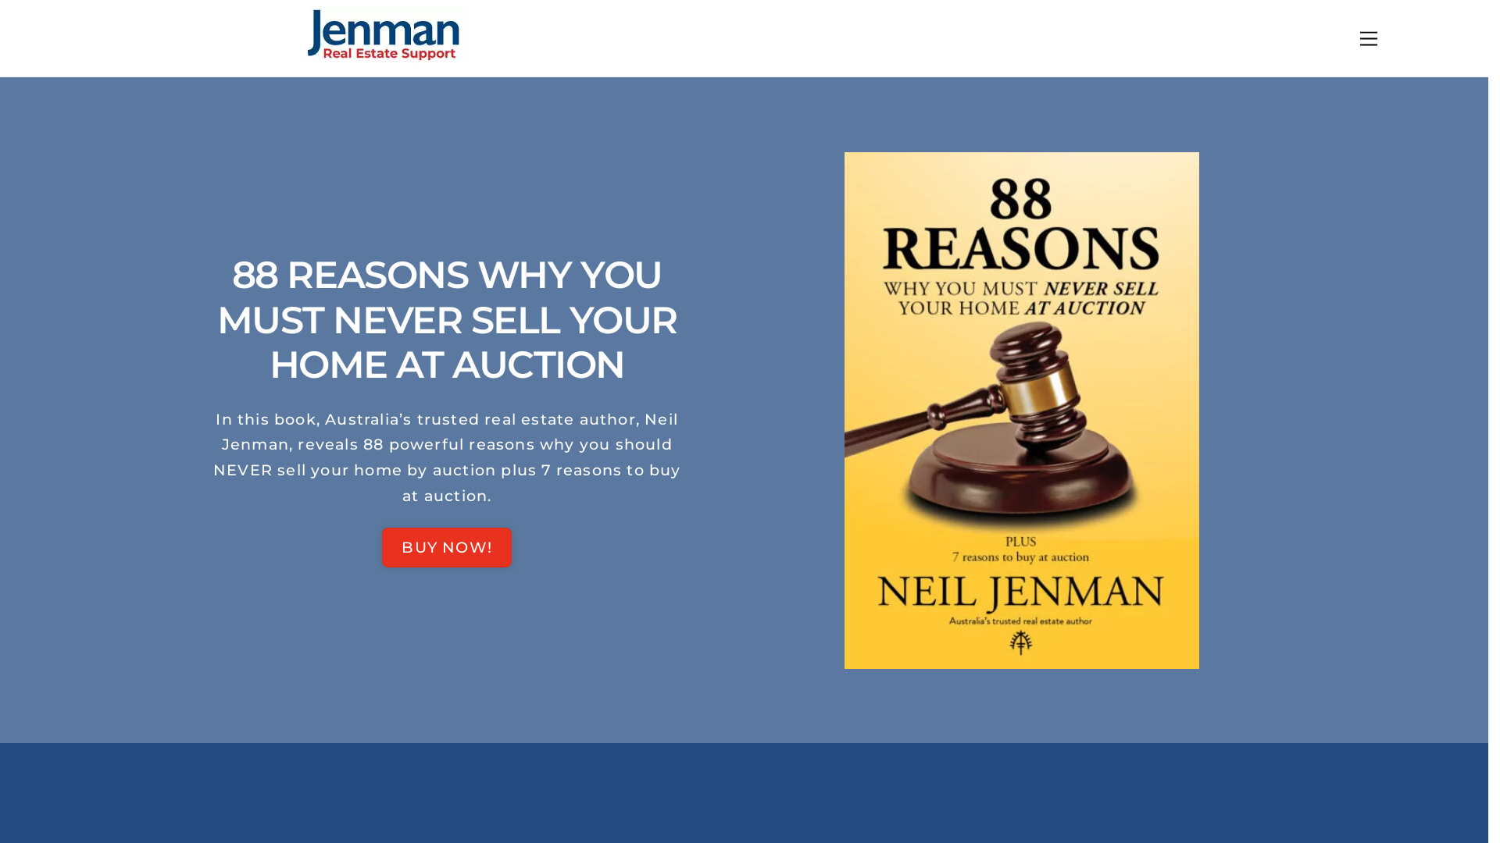  What do you see at coordinates (382, 35) in the screenshot?
I see `'Jenman Real Estate Support short'` at bounding box center [382, 35].